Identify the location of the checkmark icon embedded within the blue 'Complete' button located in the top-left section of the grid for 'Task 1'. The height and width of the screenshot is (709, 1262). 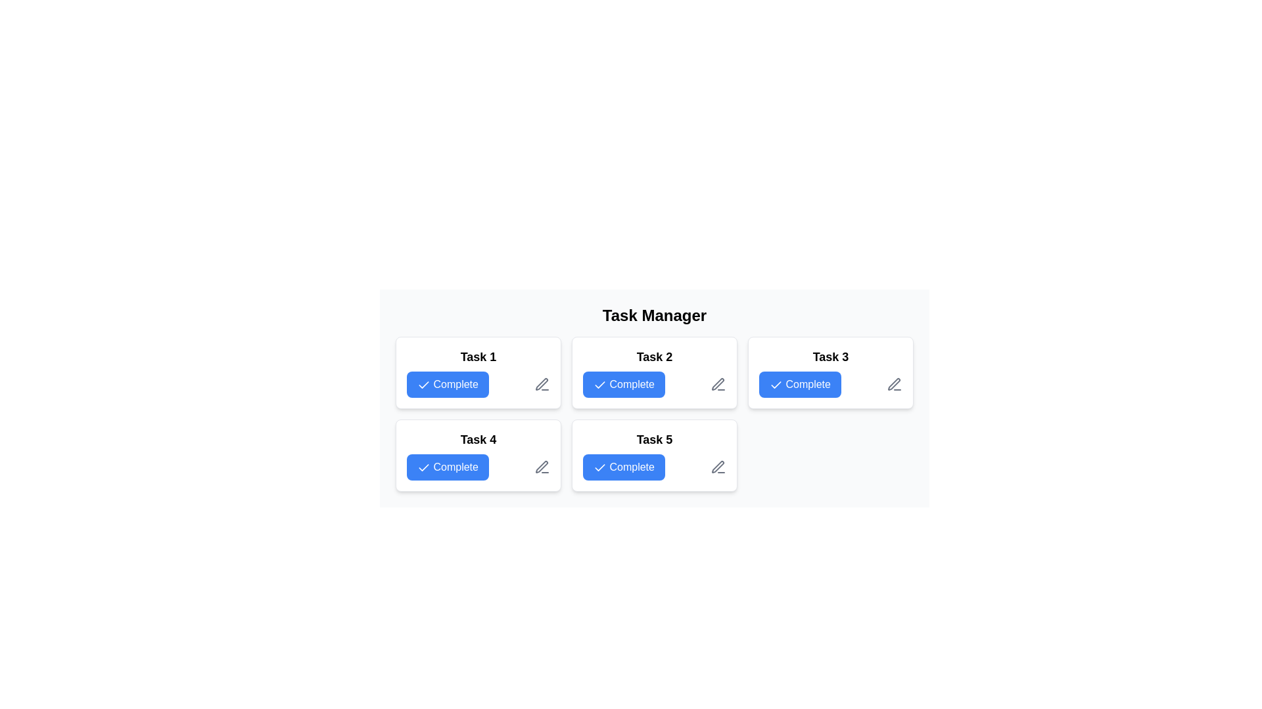
(423, 384).